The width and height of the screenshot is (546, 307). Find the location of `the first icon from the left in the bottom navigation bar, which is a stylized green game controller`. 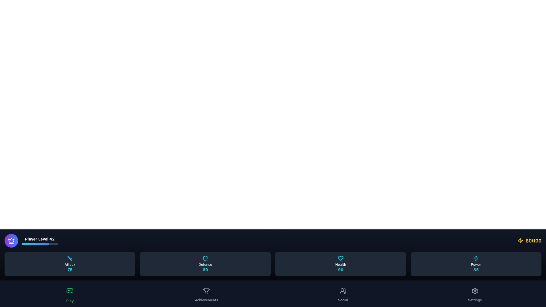

the first icon from the left in the bottom navigation bar, which is a stylized green game controller is located at coordinates (69, 291).